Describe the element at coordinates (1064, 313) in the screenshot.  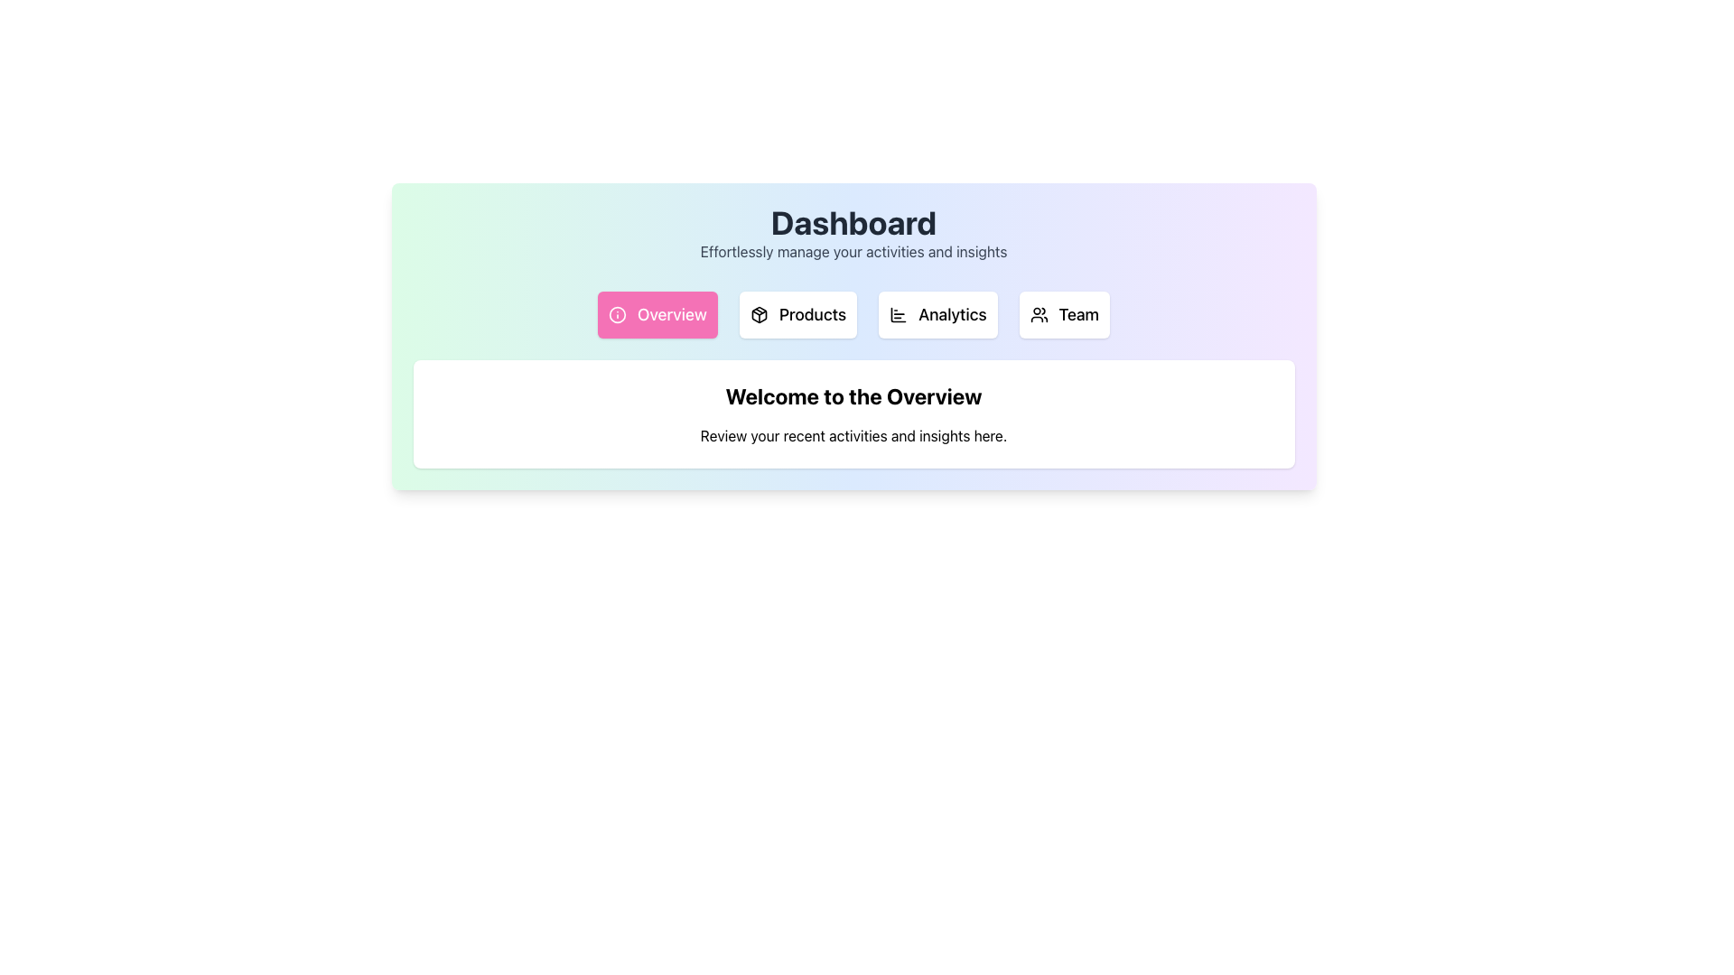
I see `the 'Team' button, which is a rectangular button with a white background, slightly rounded corners, and contains a black icon of a group of people next to bold black text 'Team'` at that location.